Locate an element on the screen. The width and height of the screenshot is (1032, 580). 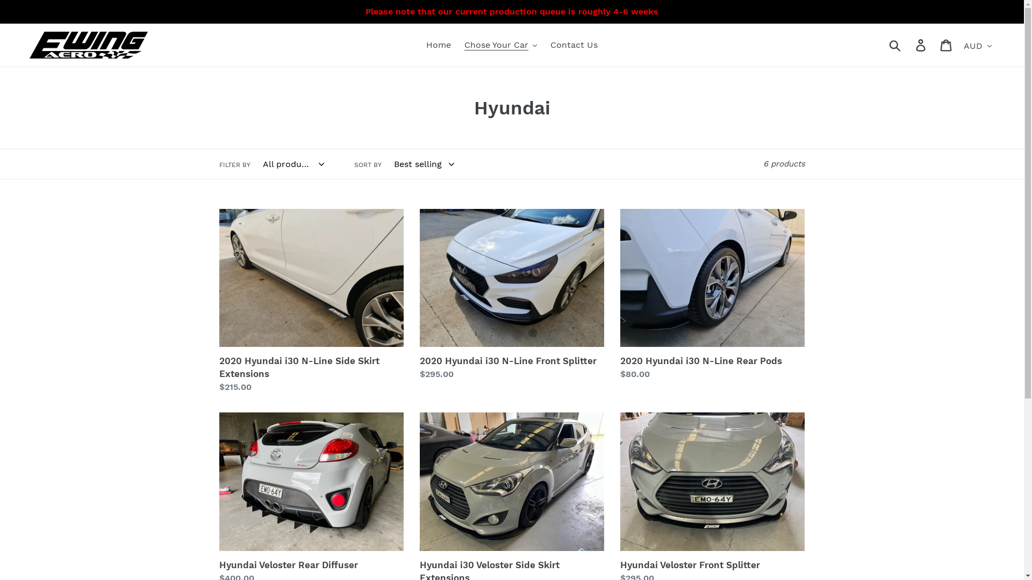
'Cart' is located at coordinates (947, 45).